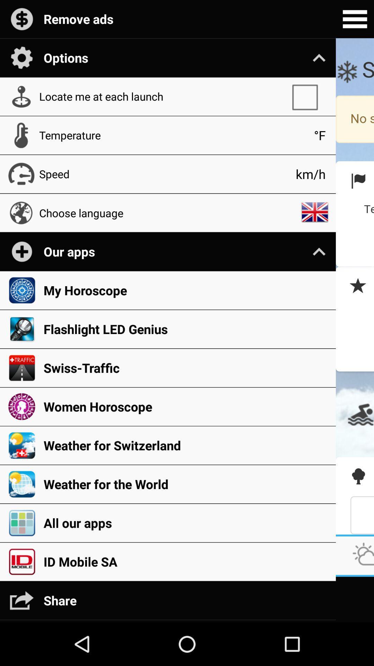 The width and height of the screenshot is (374, 666). Describe the element at coordinates (355, 19) in the screenshot. I see `more options` at that location.